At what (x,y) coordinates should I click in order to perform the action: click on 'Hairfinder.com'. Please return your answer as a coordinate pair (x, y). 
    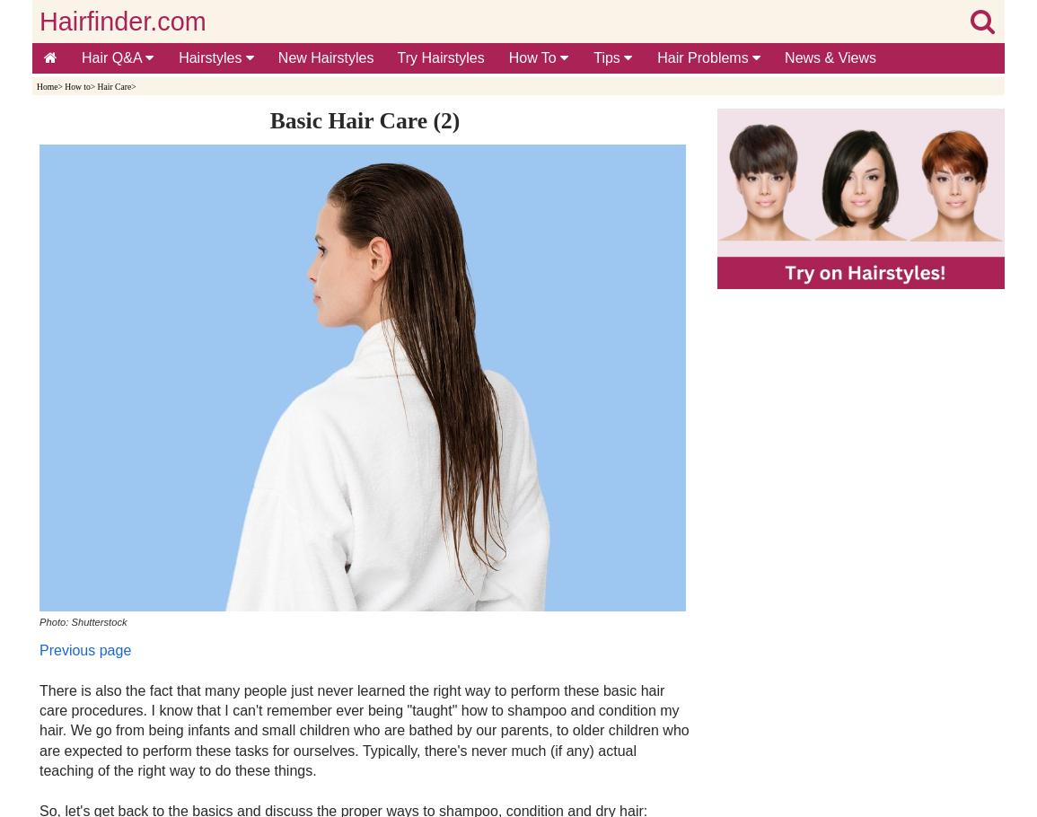
    Looking at the image, I should click on (122, 21).